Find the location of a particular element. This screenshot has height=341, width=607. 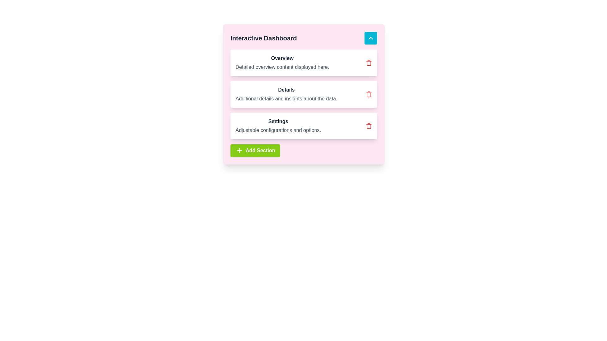

the first card in the vertical list of sections below the title 'Interactive Dashboard' is located at coordinates (303, 63).